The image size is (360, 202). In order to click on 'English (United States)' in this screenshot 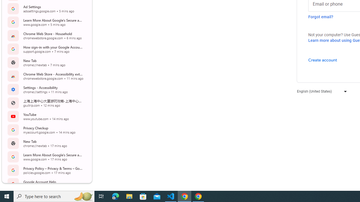, I will do `click(320, 91)`.